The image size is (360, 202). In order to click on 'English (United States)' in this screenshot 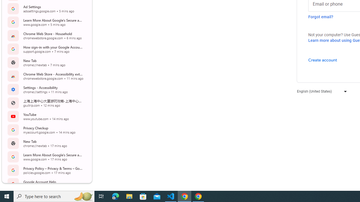, I will do `click(320, 91)`.